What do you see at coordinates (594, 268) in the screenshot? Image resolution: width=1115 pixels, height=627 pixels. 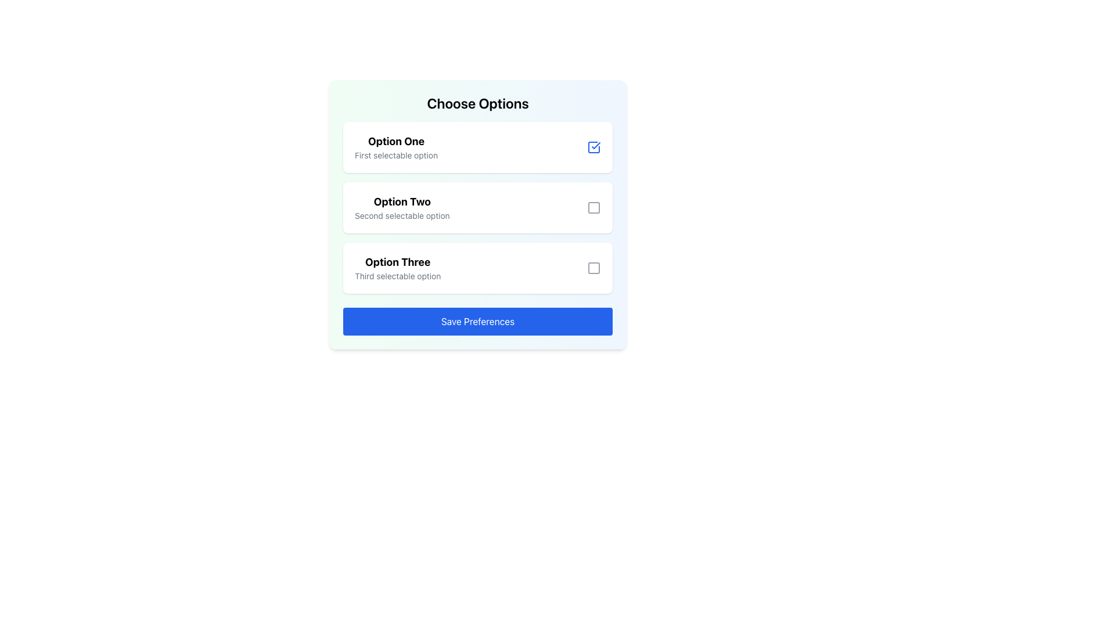 I see `the Checkbox-like icon located on the far-right side of the 'Option Three' selection, which serves as a visual indication related to that option` at bounding box center [594, 268].